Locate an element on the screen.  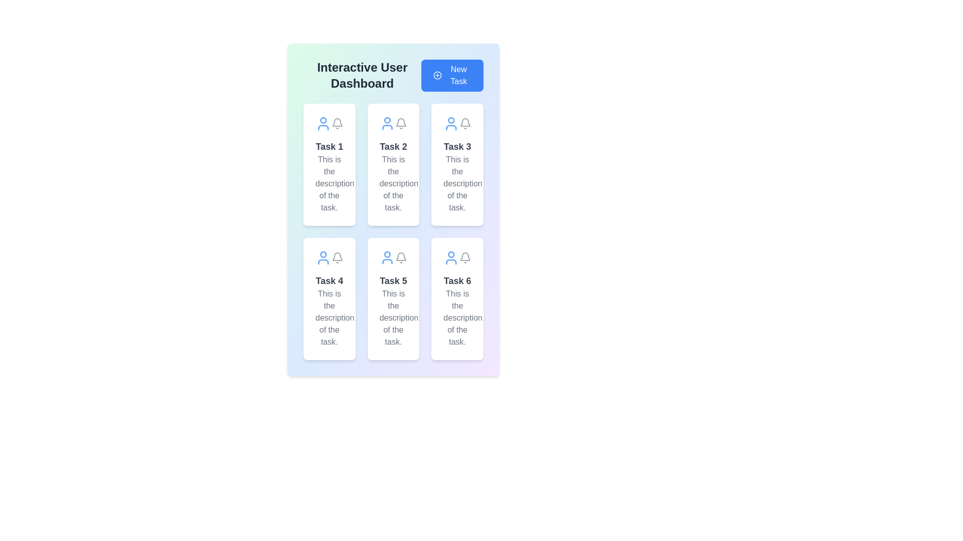
the circular graphical component within the user icon graphic of the third card in the top row of the dashboard grid is located at coordinates (451, 120).